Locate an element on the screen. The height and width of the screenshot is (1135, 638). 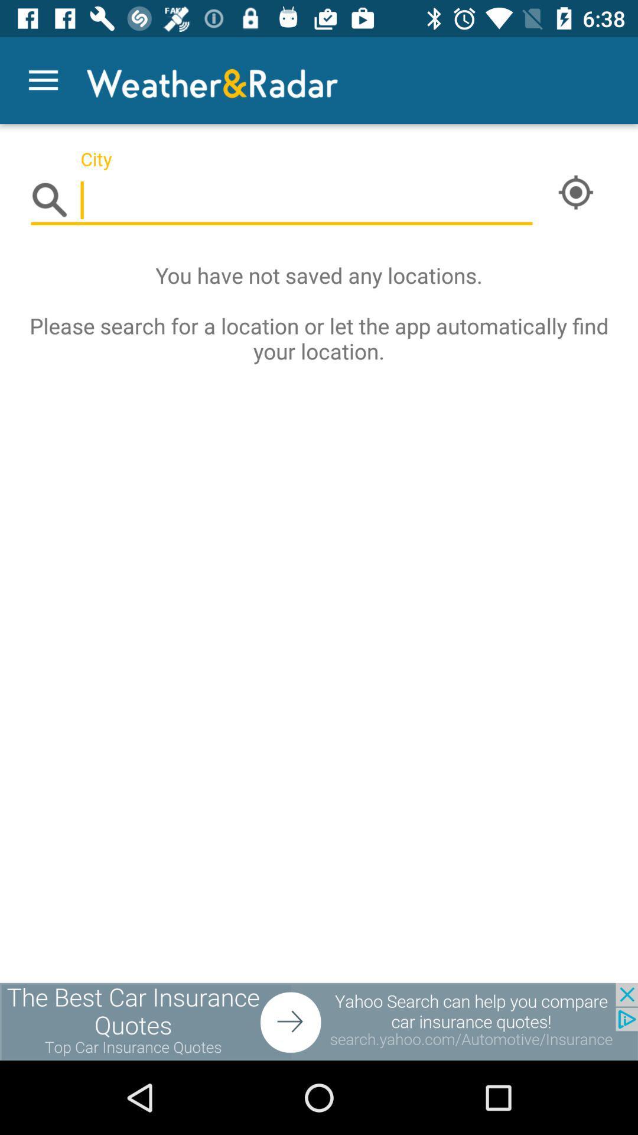
city search is located at coordinates (282, 200).